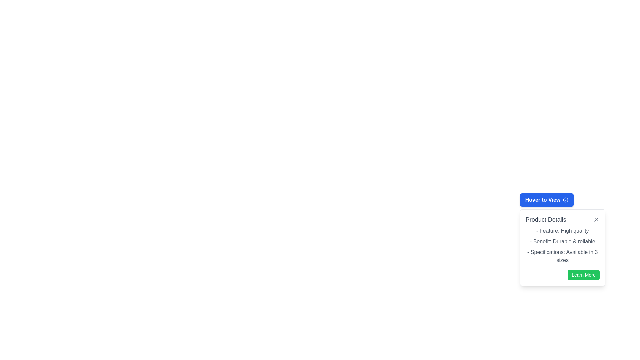 The image size is (640, 360). Describe the element at coordinates (562, 245) in the screenshot. I see `the Text element displaying product details, which includes three items: 'Feature: High quality', 'Benefit: Durable & reliable', and 'Specifications: Available in 3 sizes', located above the 'Learn More' button within the 'Product Details' section` at that location.